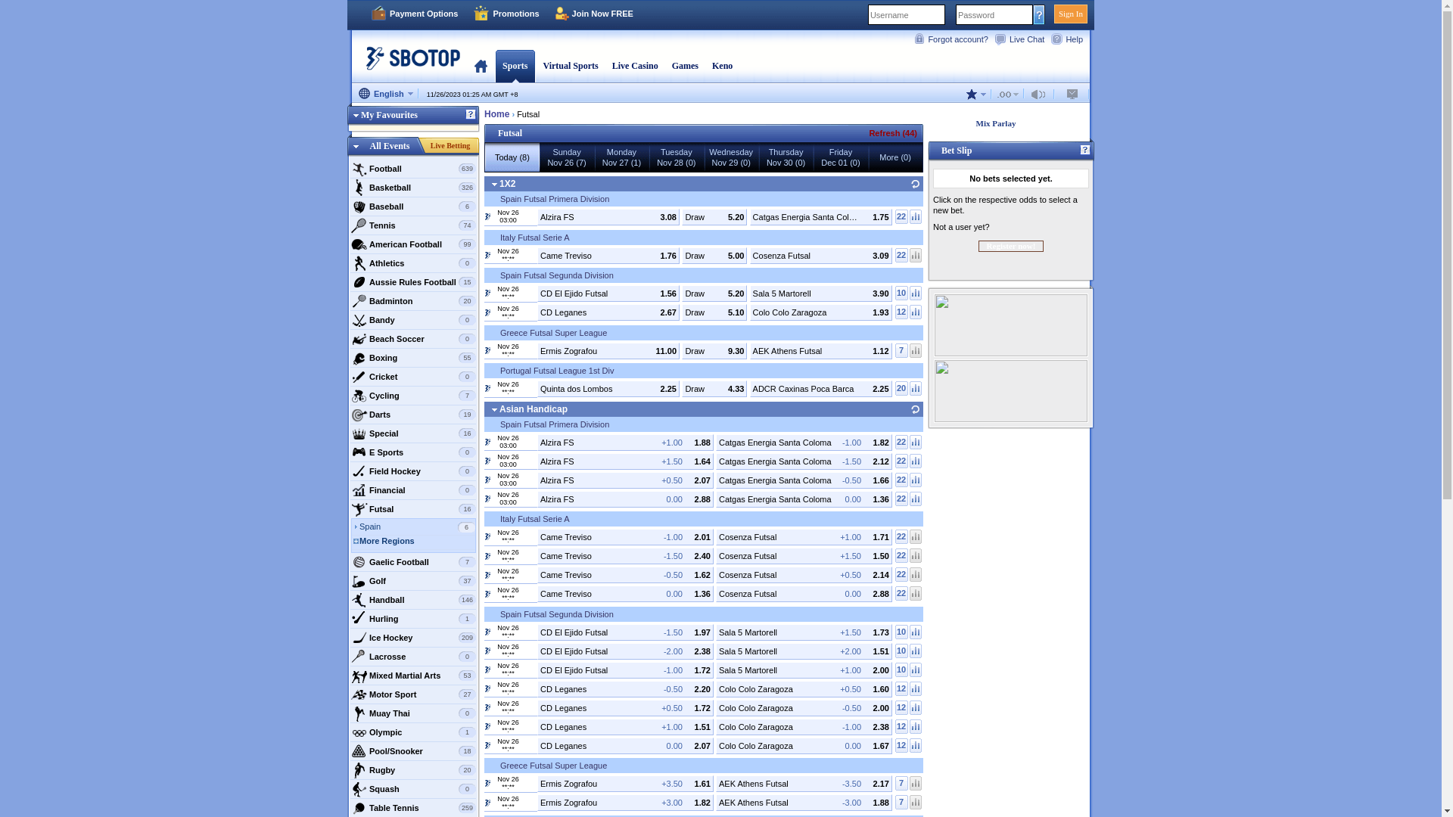 The height and width of the screenshot is (817, 1453). I want to click on '1.82, so click(803, 443).